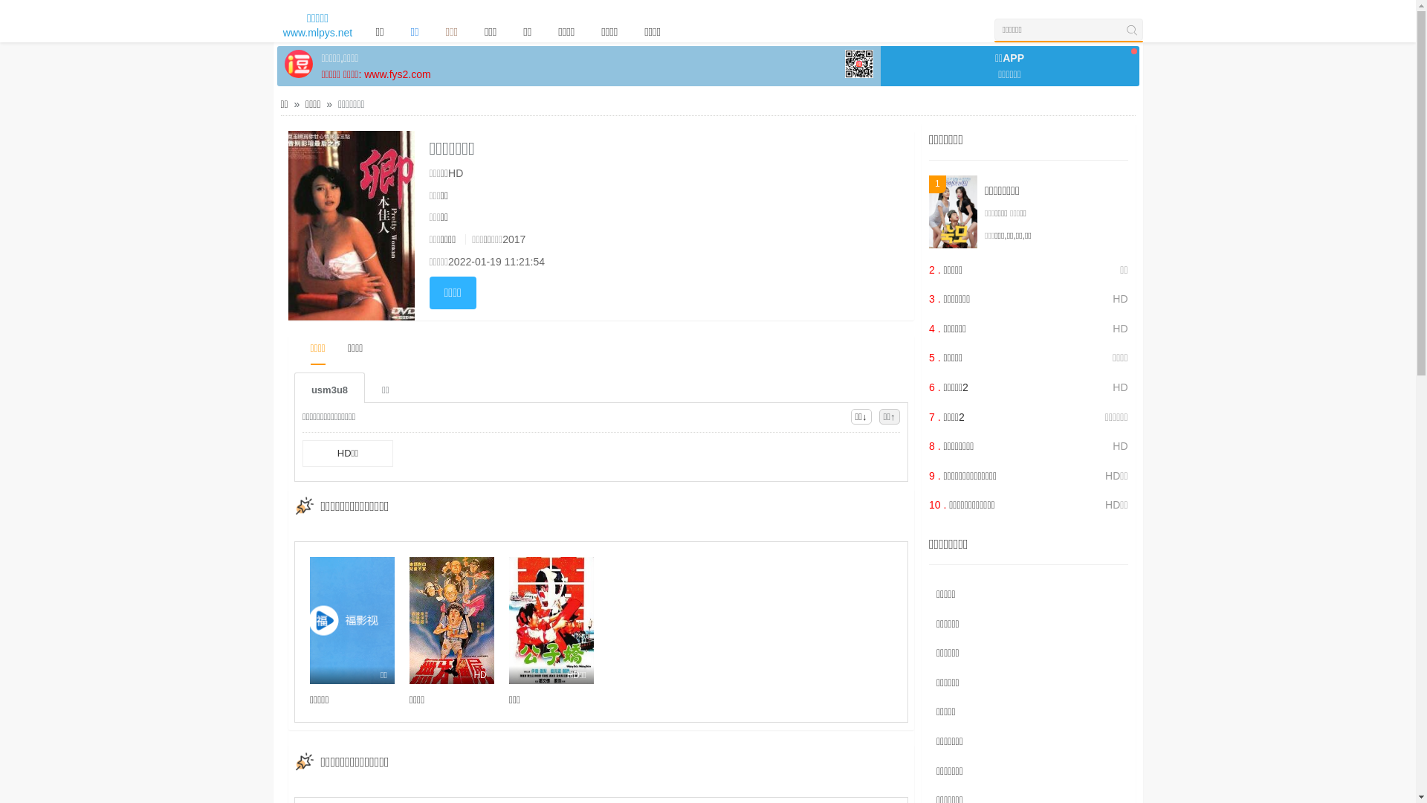 The height and width of the screenshot is (803, 1427). I want to click on 'usm3u8', so click(329, 387).